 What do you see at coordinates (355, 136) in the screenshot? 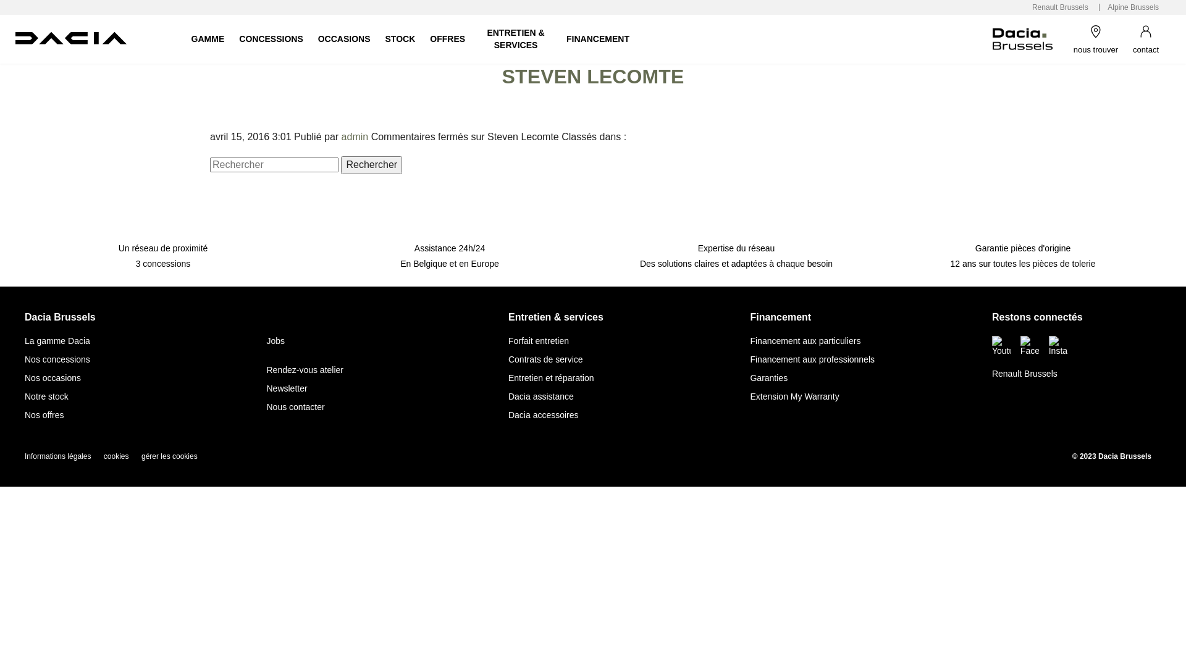
I see `'admin'` at bounding box center [355, 136].